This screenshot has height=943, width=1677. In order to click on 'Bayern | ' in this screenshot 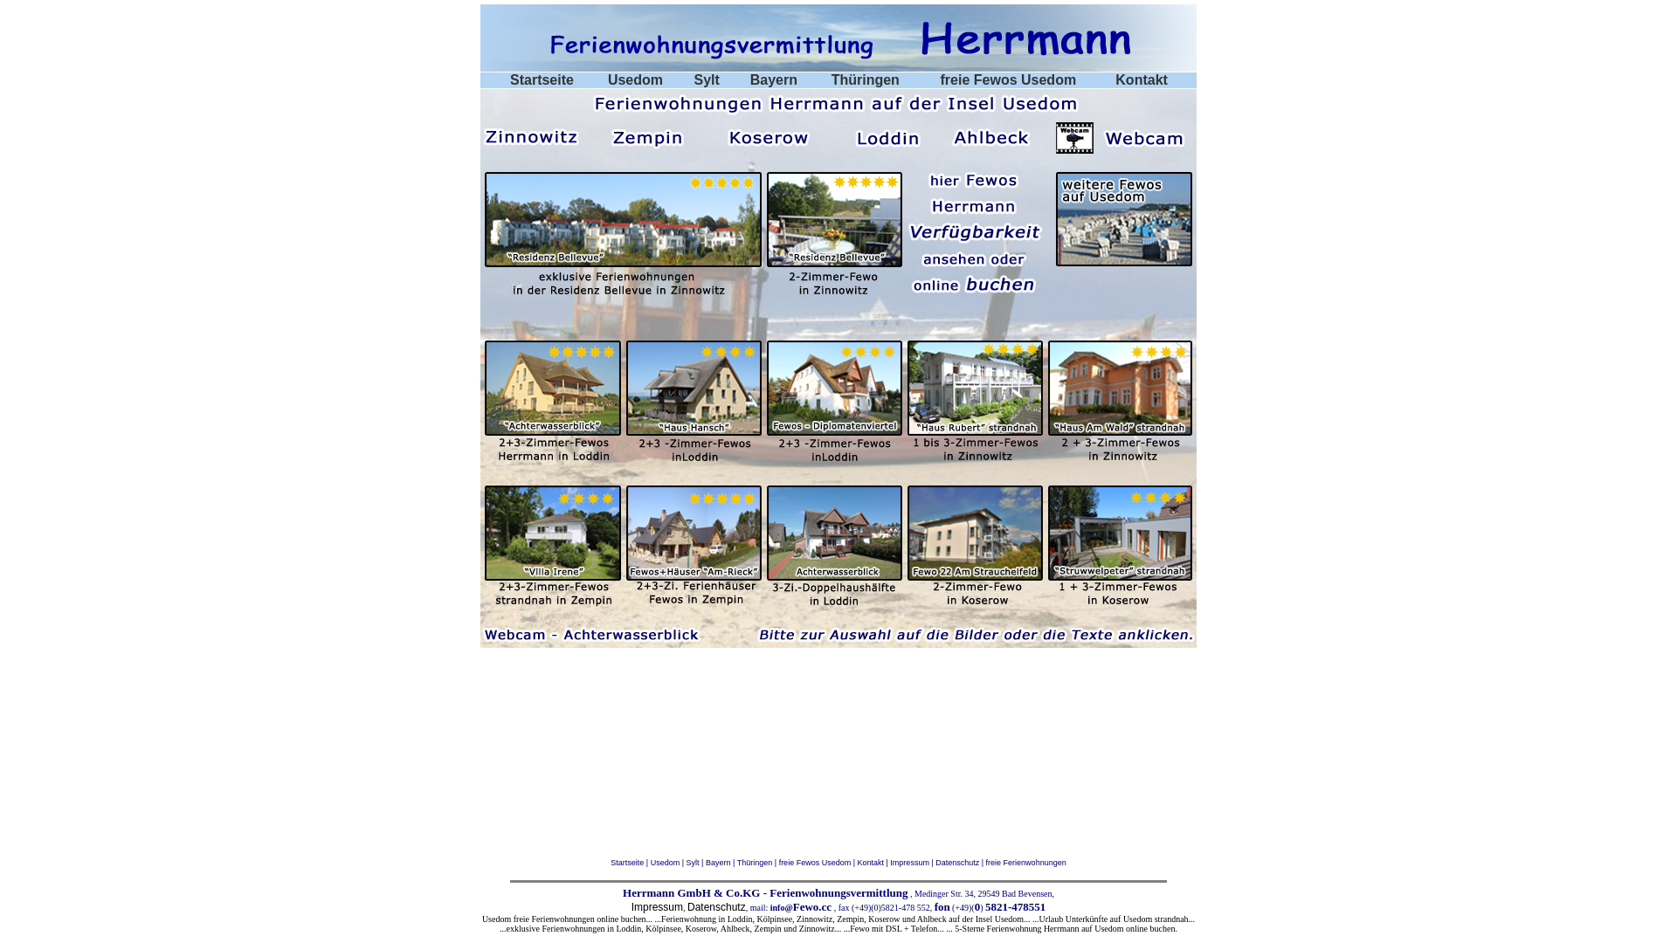, I will do `click(721, 861)`.